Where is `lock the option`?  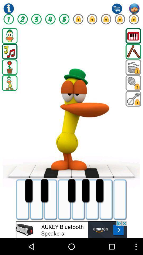
lock the option is located at coordinates (78, 19).